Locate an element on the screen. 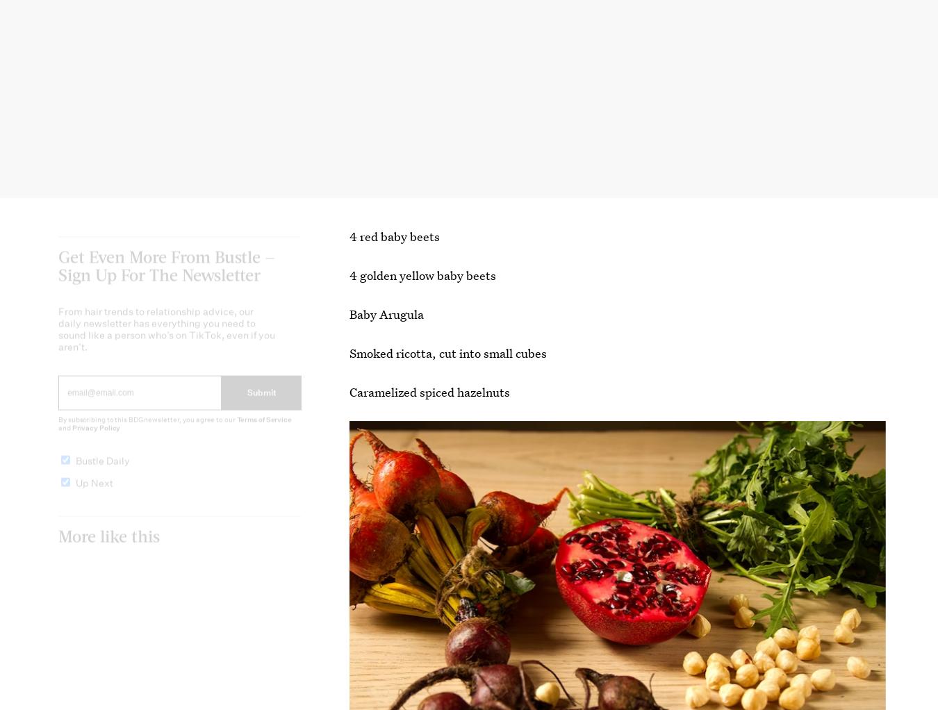 Image resolution: width=938 pixels, height=710 pixels. 'Baby Arugula' is located at coordinates (349, 313).